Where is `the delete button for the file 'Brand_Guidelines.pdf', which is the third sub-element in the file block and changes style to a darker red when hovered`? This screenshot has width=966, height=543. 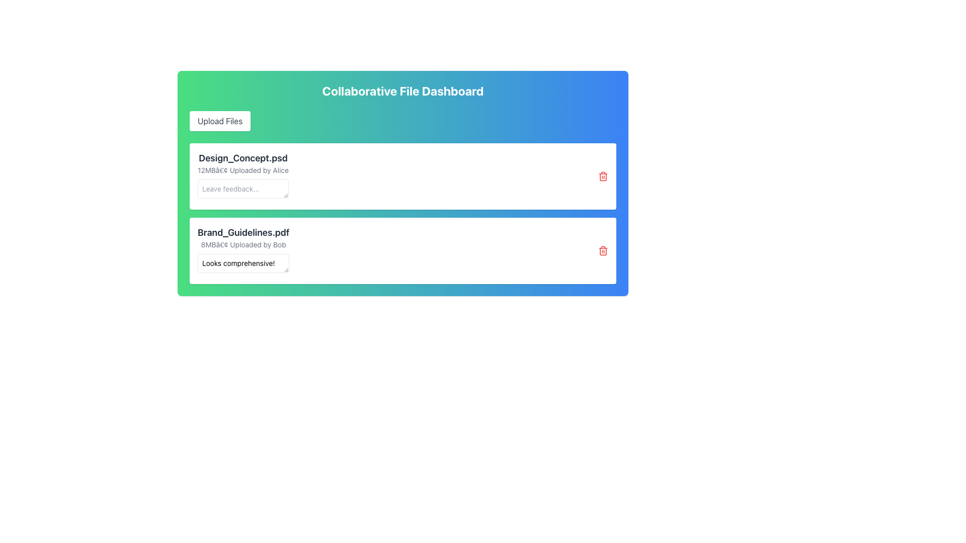
the delete button for the file 'Brand_Guidelines.pdf', which is the third sub-element in the file block and changes style to a darker red when hovered is located at coordinates (603, 250).